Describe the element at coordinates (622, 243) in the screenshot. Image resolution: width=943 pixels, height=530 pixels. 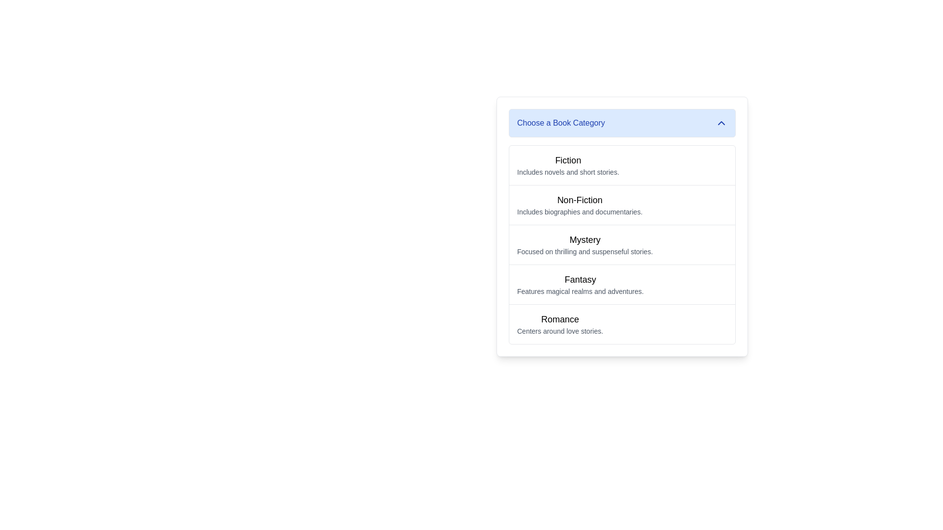
I see `the list item titled 'Mystery', which is the third item in the vertical list of book categories` at that location.